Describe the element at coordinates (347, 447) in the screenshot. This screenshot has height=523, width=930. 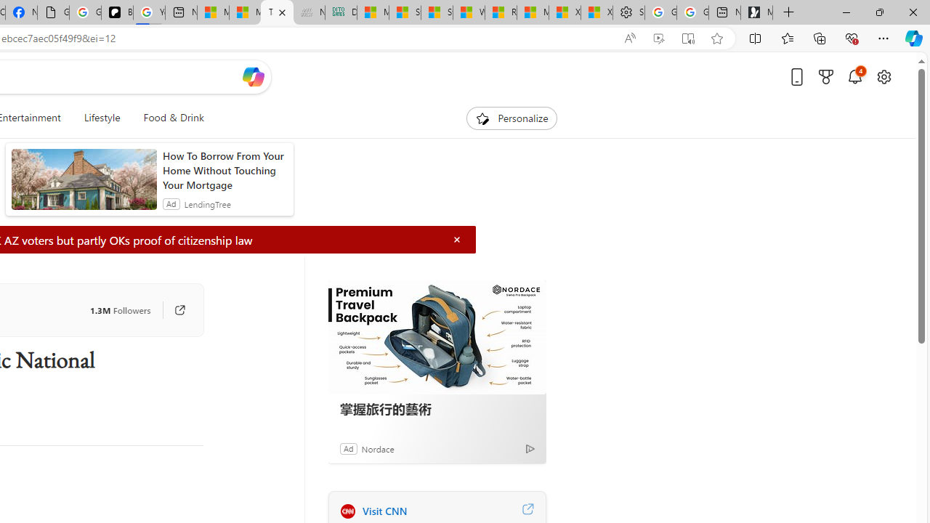
I see `'Ad'` at that location.